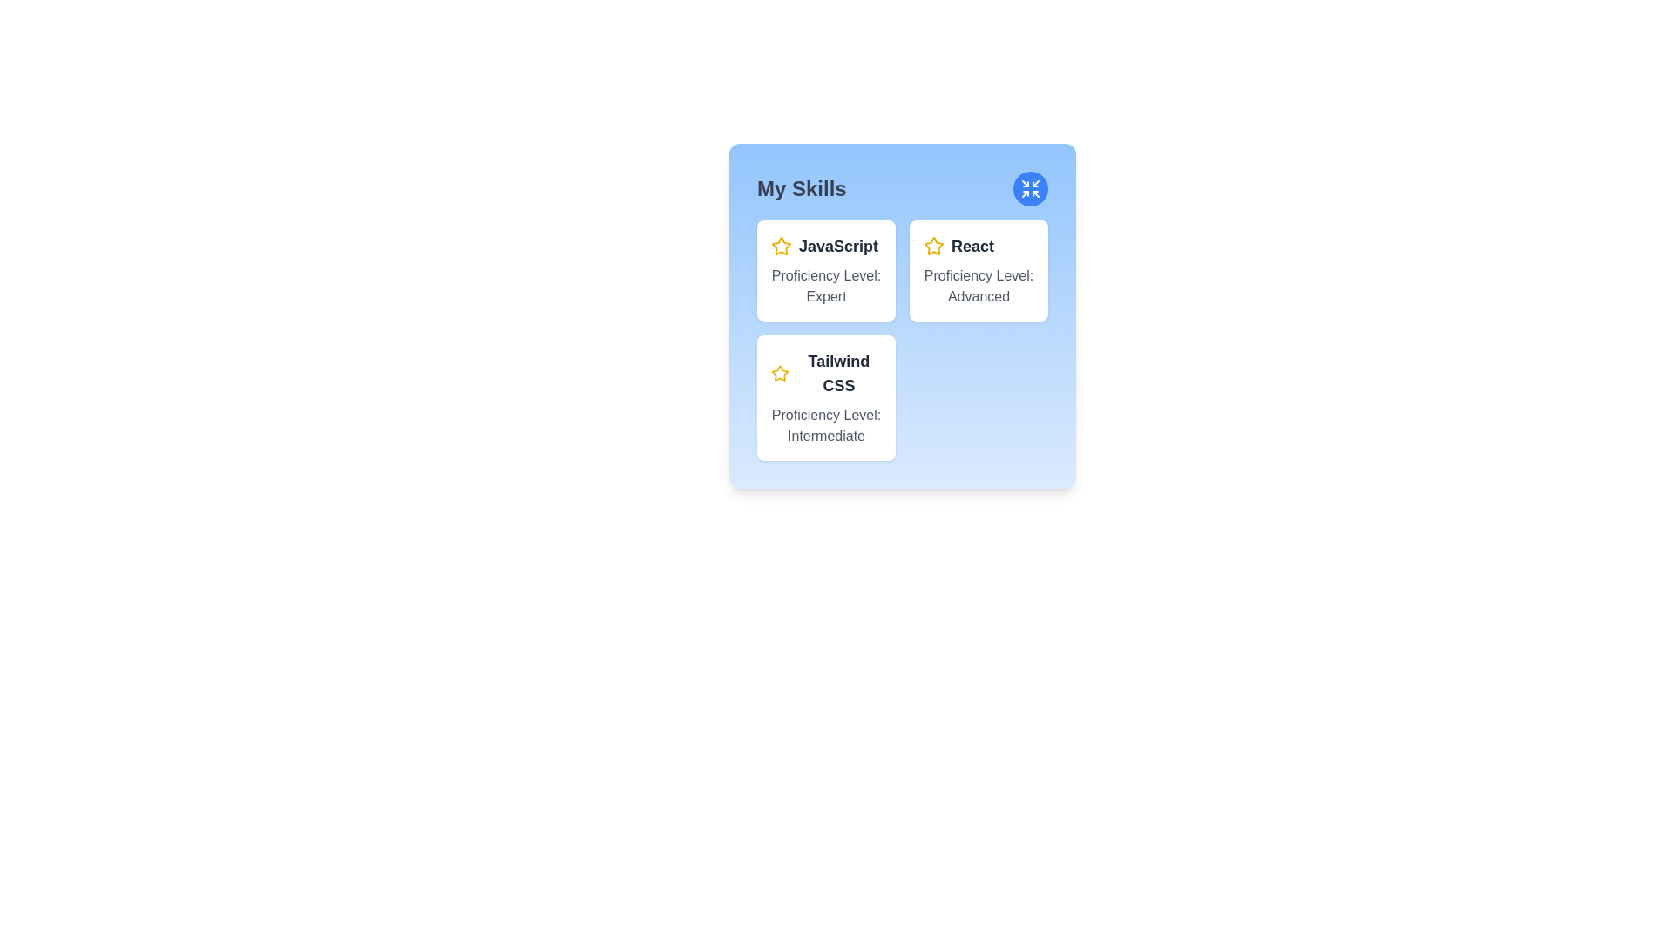 Image resolution: width=1673 pixels, height=941 pixels. I want to click on the star-shaped icon with a yellow fill that indicates a prominent emphasis in the skill listing card for 'Tailwind CSS.', so click(779, 372).